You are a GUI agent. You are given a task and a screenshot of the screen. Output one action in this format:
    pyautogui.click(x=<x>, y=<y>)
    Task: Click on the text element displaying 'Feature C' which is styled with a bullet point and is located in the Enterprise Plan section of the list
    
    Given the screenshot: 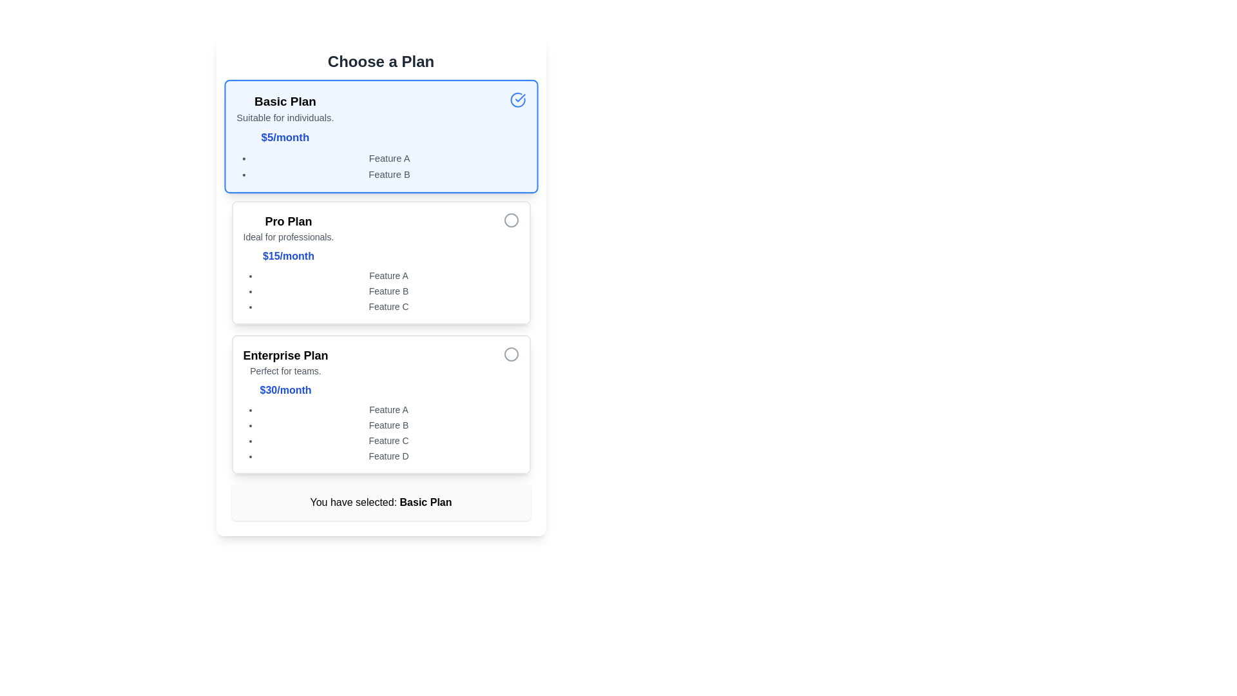 What is the action you would take?
    pyautogui.click(x=388, y=440)
    